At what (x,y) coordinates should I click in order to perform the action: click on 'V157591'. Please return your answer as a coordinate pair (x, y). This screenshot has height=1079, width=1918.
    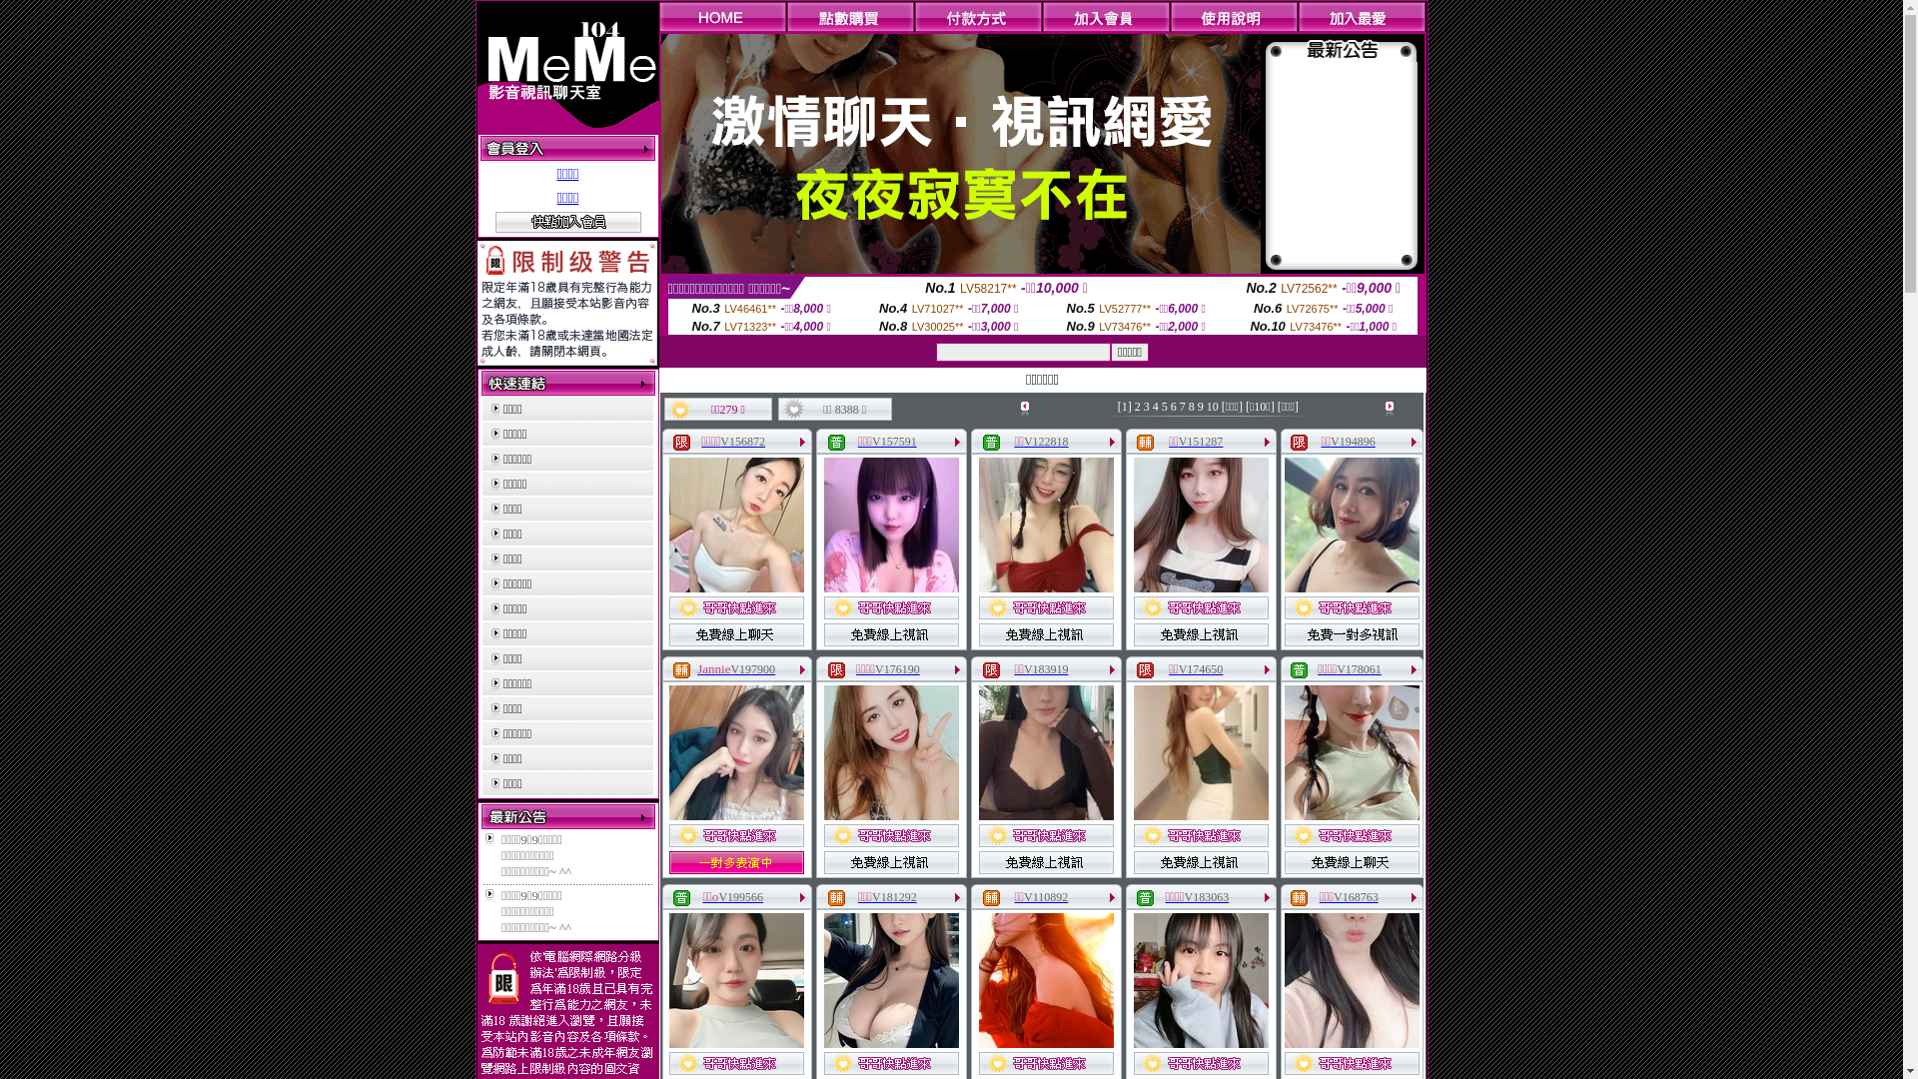
    Looking at the image, I should click on (893, 441).